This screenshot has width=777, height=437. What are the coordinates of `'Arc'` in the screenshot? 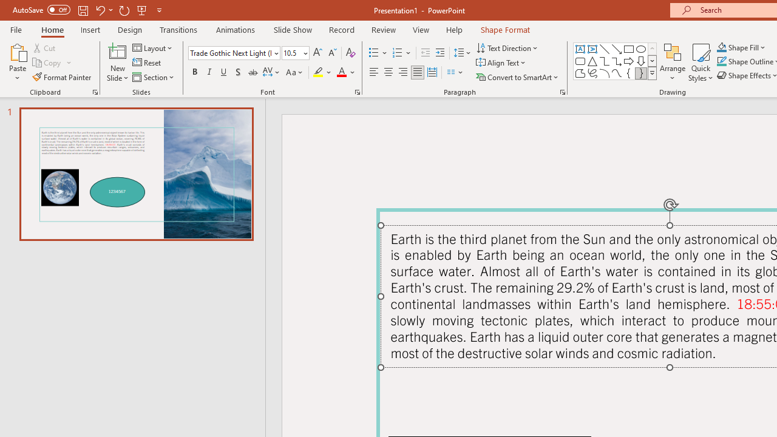 It's located at (604, 73).